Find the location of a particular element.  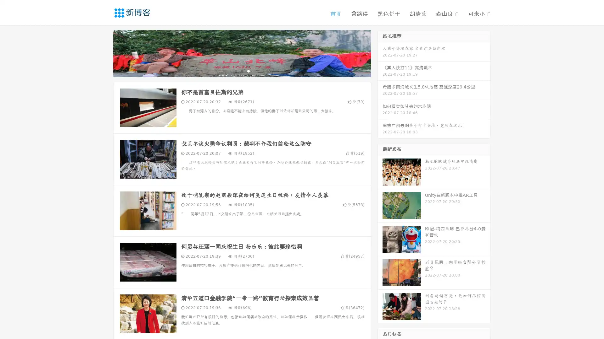

Go to slide 3 is located at coordinates (248, 71).